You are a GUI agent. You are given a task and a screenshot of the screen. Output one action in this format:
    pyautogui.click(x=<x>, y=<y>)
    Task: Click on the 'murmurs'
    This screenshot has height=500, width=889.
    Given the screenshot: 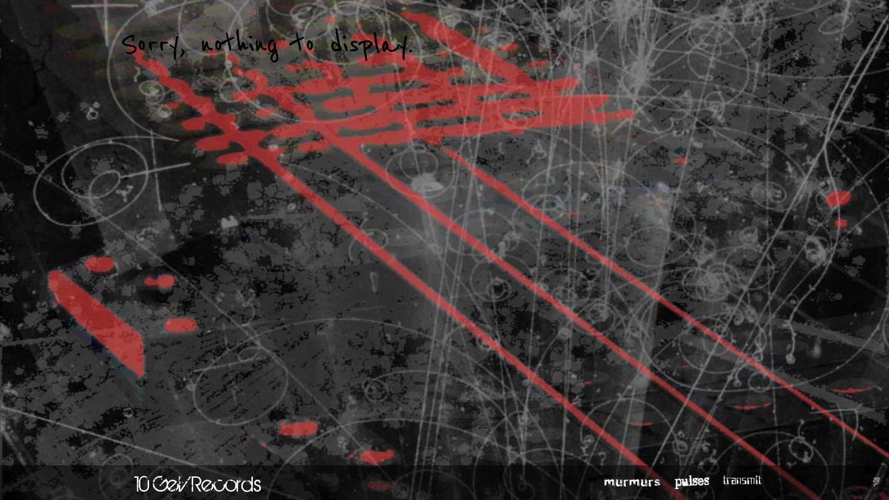 What is the action you would take?
    pyautogui.click(x=632, y=481)
    